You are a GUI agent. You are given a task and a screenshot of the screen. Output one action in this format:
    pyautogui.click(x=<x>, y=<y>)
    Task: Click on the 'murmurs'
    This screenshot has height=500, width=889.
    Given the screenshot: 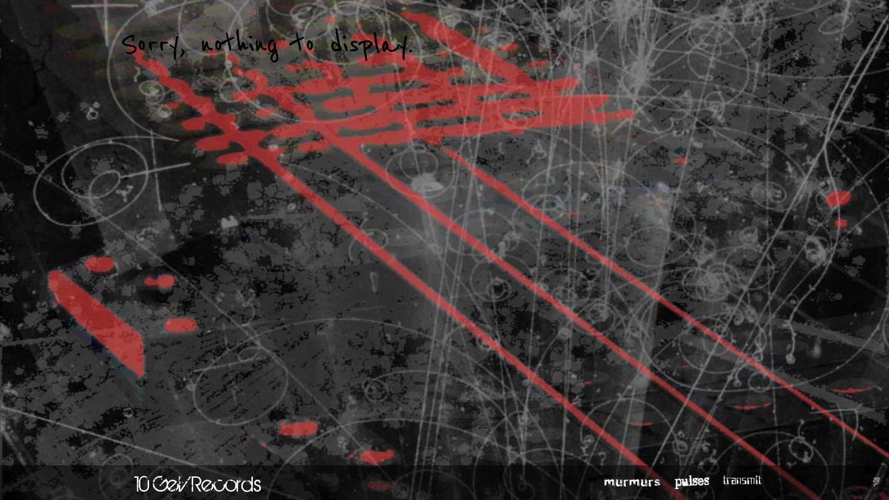 What is the action you would take?
    pyautogui.click(x=632, y=481)
    